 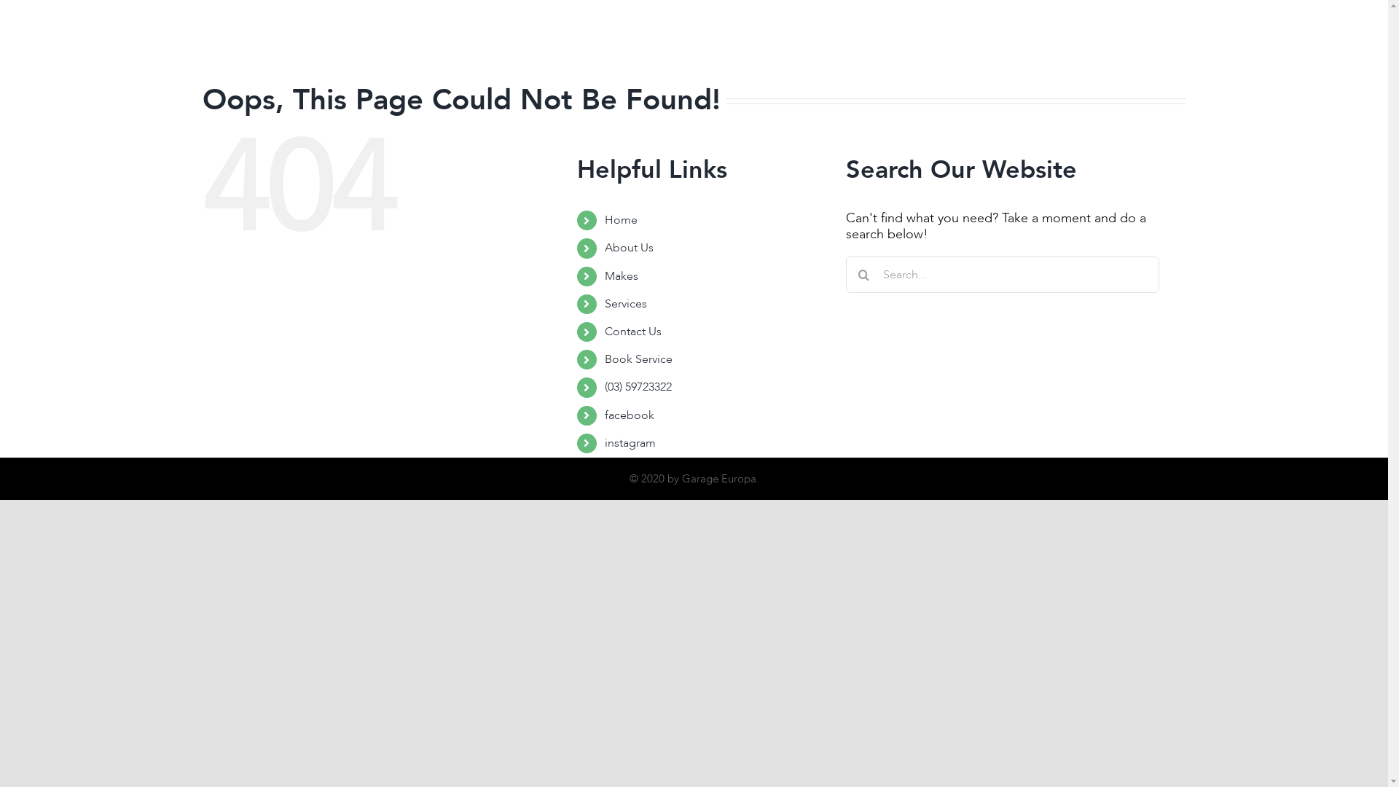 I want to click on '(03) 59723322', so click(x=638, y=386).